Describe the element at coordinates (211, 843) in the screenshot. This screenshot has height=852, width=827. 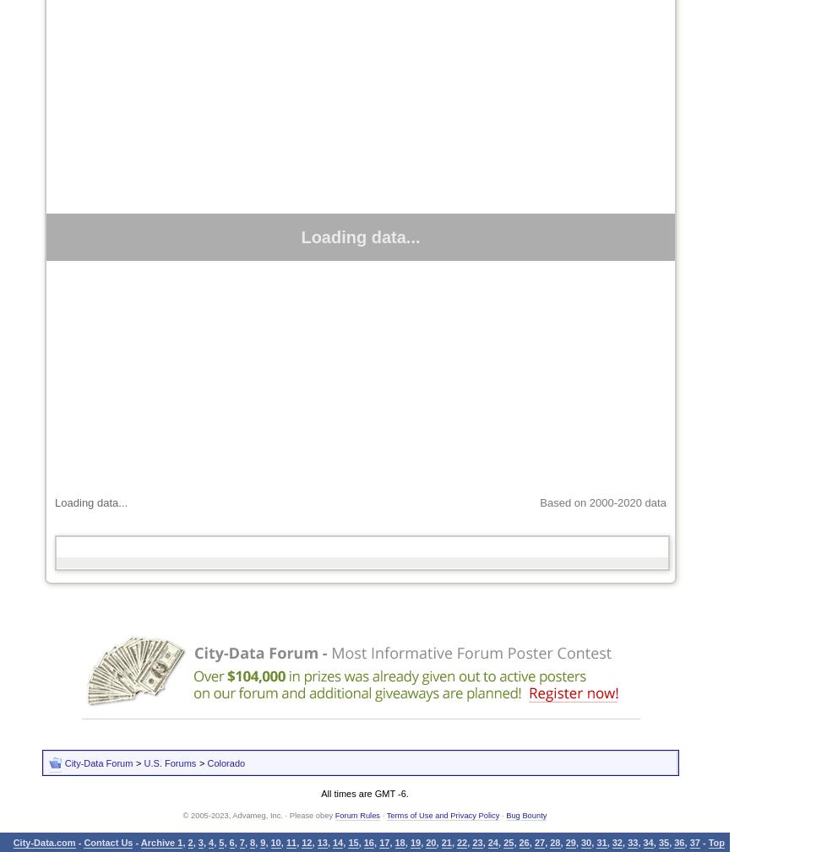
I see `'4'` at that location.